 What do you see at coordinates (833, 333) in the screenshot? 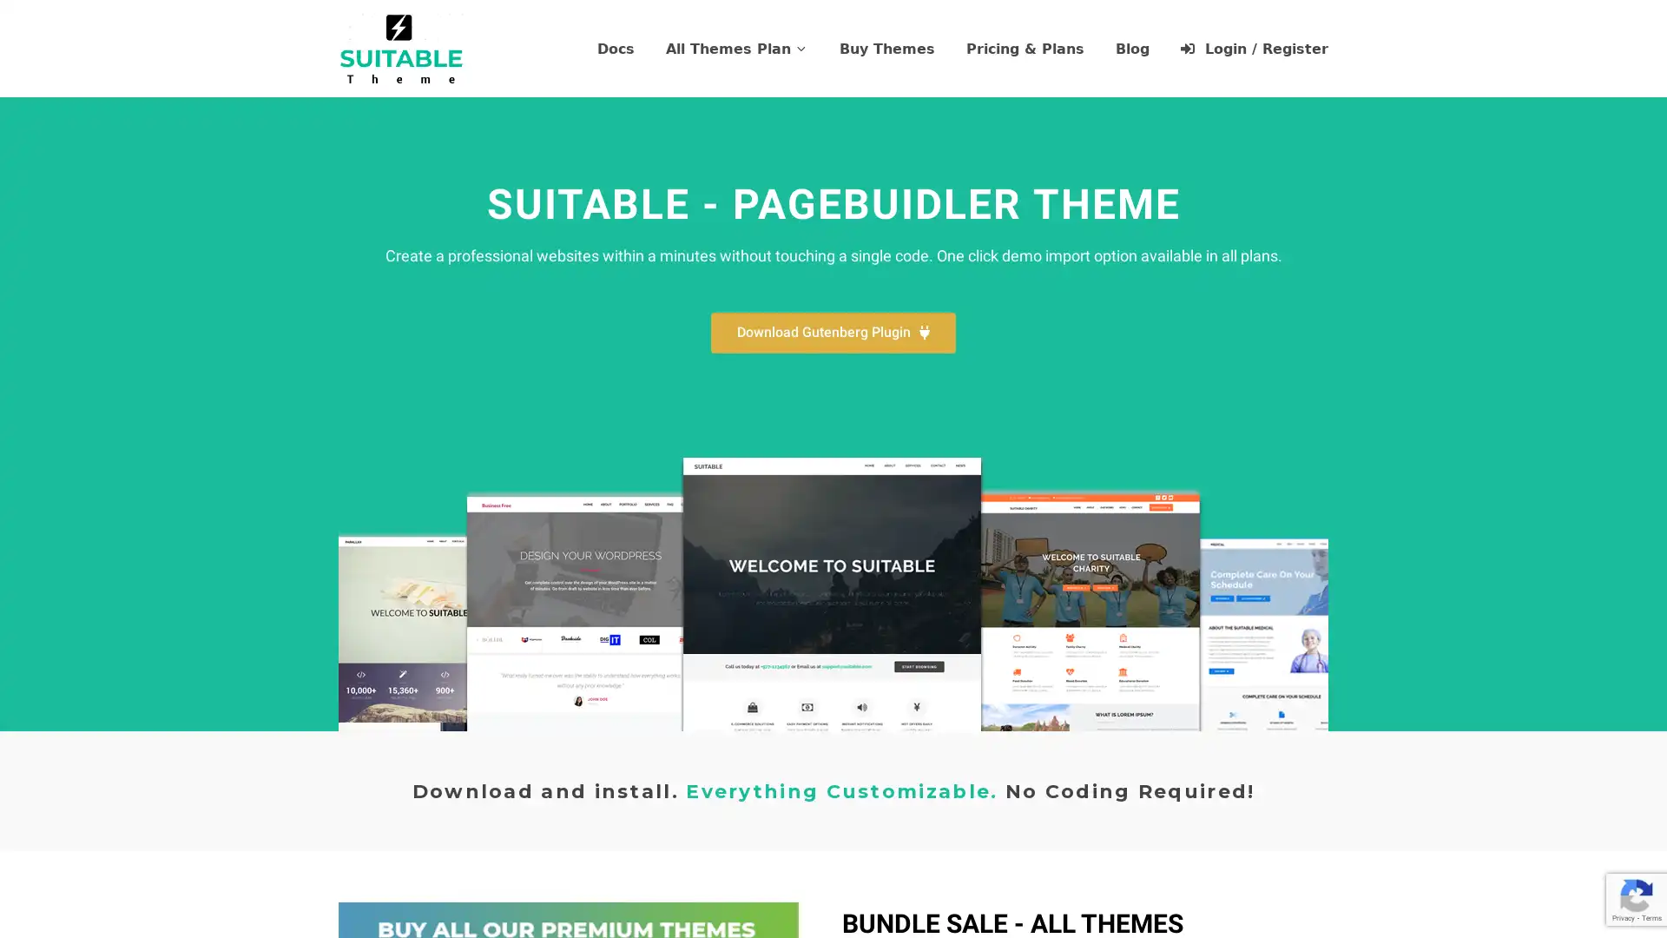
I see `Download Gutenberg Plugin` at bounding box center [833, 333].